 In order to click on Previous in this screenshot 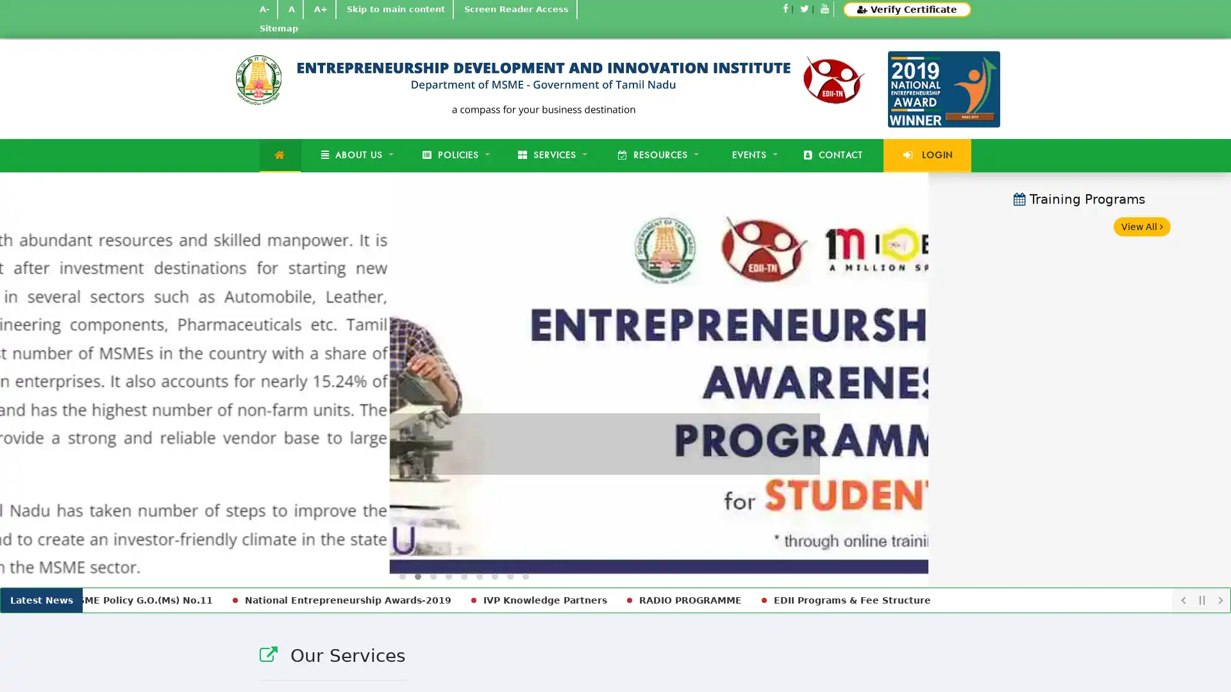, I will do `click(25, 366)`.